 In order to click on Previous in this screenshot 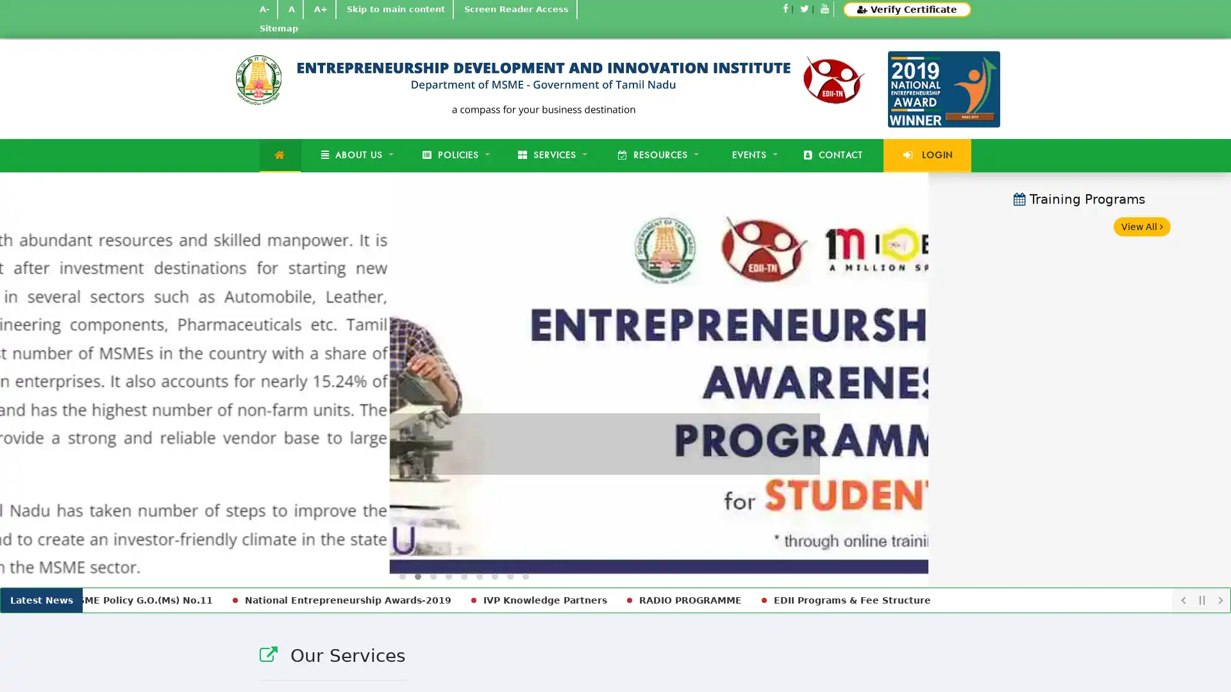, I will do `click(25, 366)`.